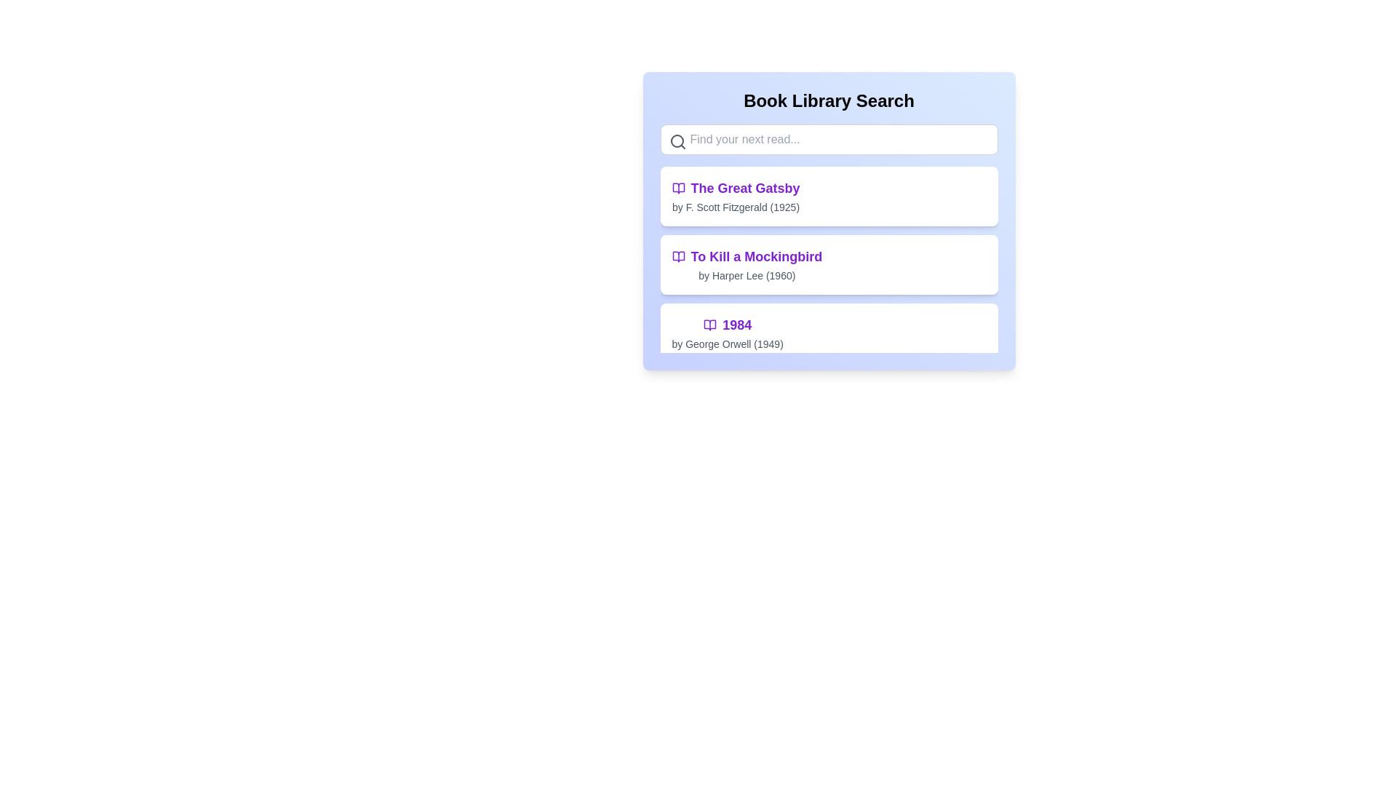 The image size is (1397, 786). What do you see at coordinates (747, 275) in the screenshot?
I see `the text label providing supplementary details about the book, located directly beneath the bold title 'To Kill a Mockingbird' in the 'Book Library Search' interface` at bounding box center [747, 275].